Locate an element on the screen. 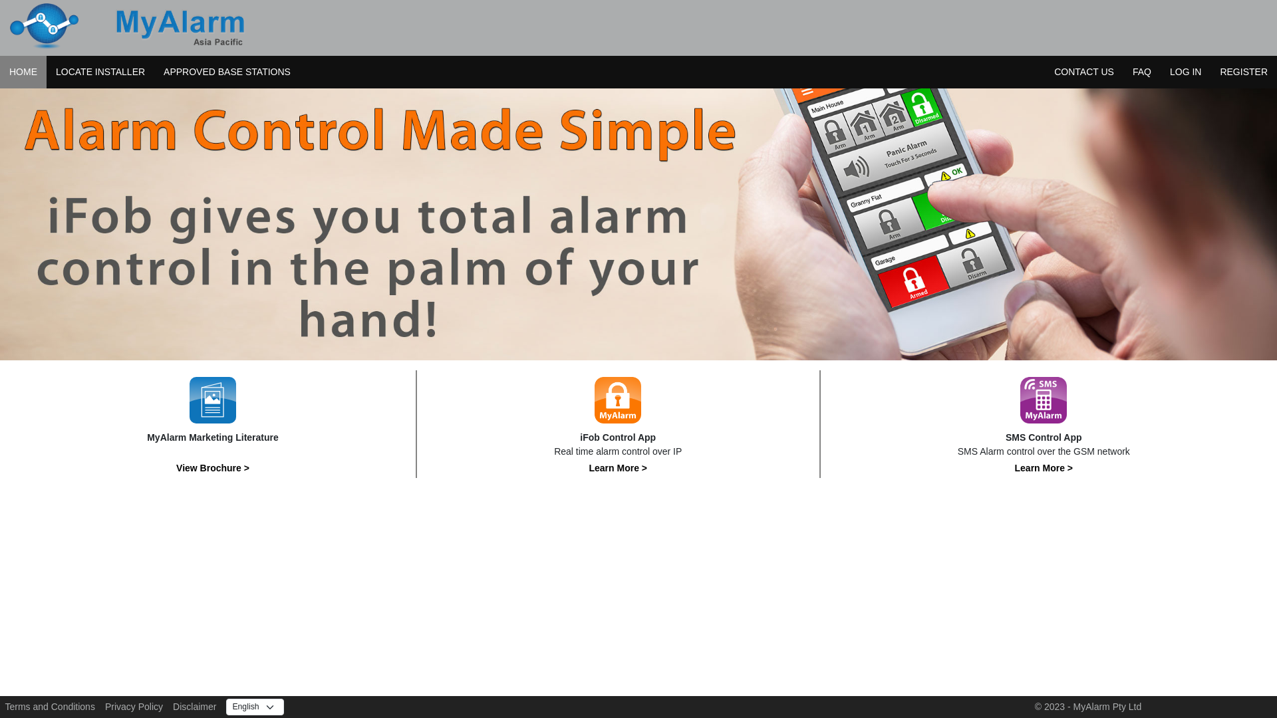 This screenshot has width=1277, height=718. 'LOCATE INSTALLER' is located at coordinates (99, 72).